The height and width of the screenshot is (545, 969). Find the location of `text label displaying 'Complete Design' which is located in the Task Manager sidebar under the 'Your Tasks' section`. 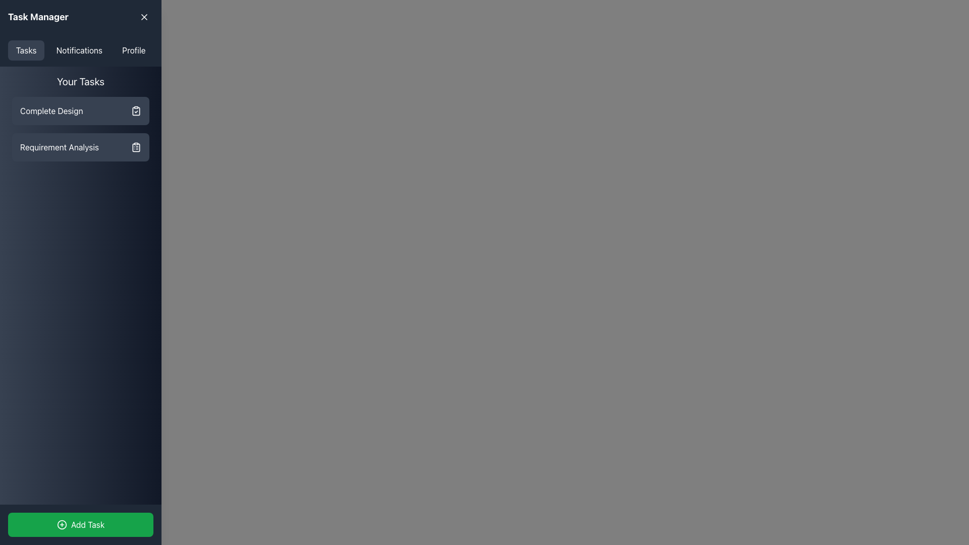

text label displaying 'Complete Design' which is located in the Task Manager sidebar under the 'Your Tasks' section is located at coordinates (51, 111).